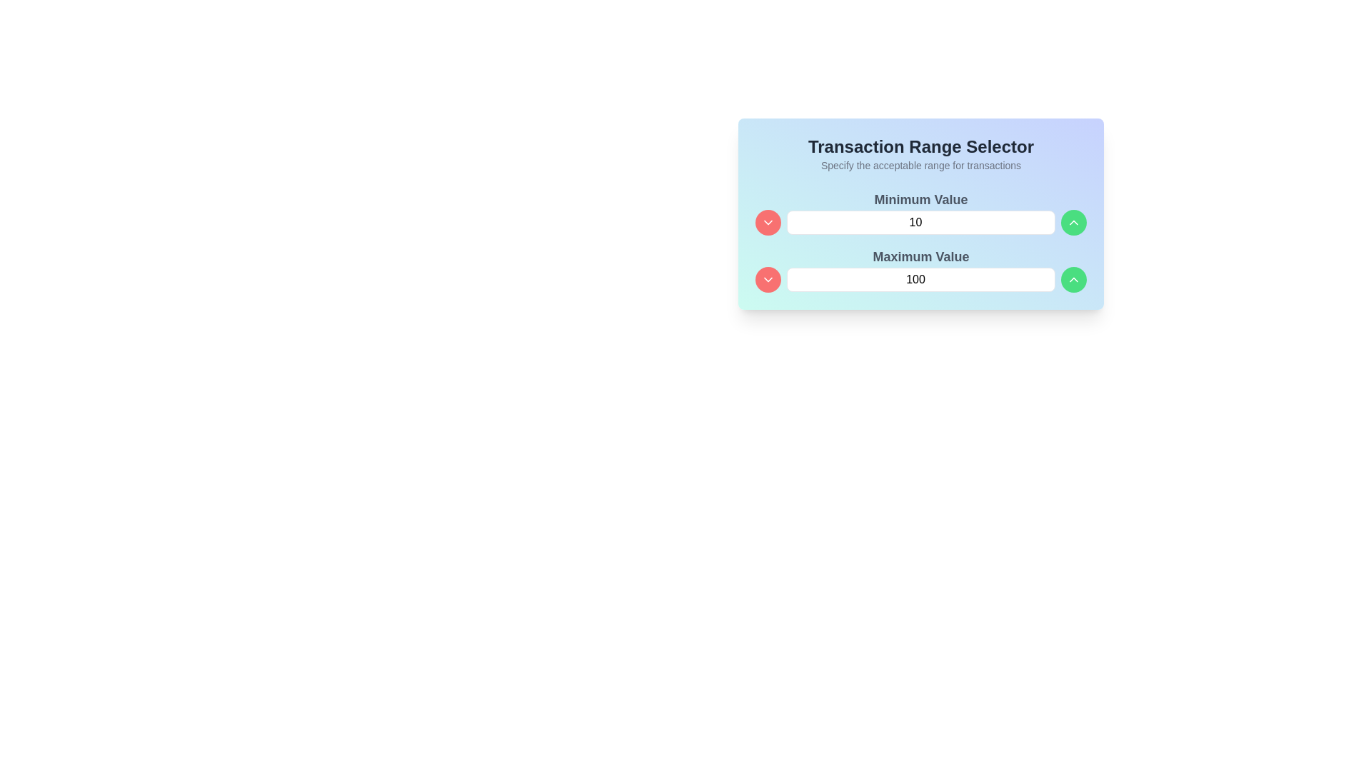 The height and width of the screenshot is (771, 1371). What do you see at coordinates (767, 223) in the screenshot?
I see `the circular red button with a downward-facing chevron icon, located to the left of the 'Minimum Value' input field, for keyboard accessibility` at bounding box center [767, 223].